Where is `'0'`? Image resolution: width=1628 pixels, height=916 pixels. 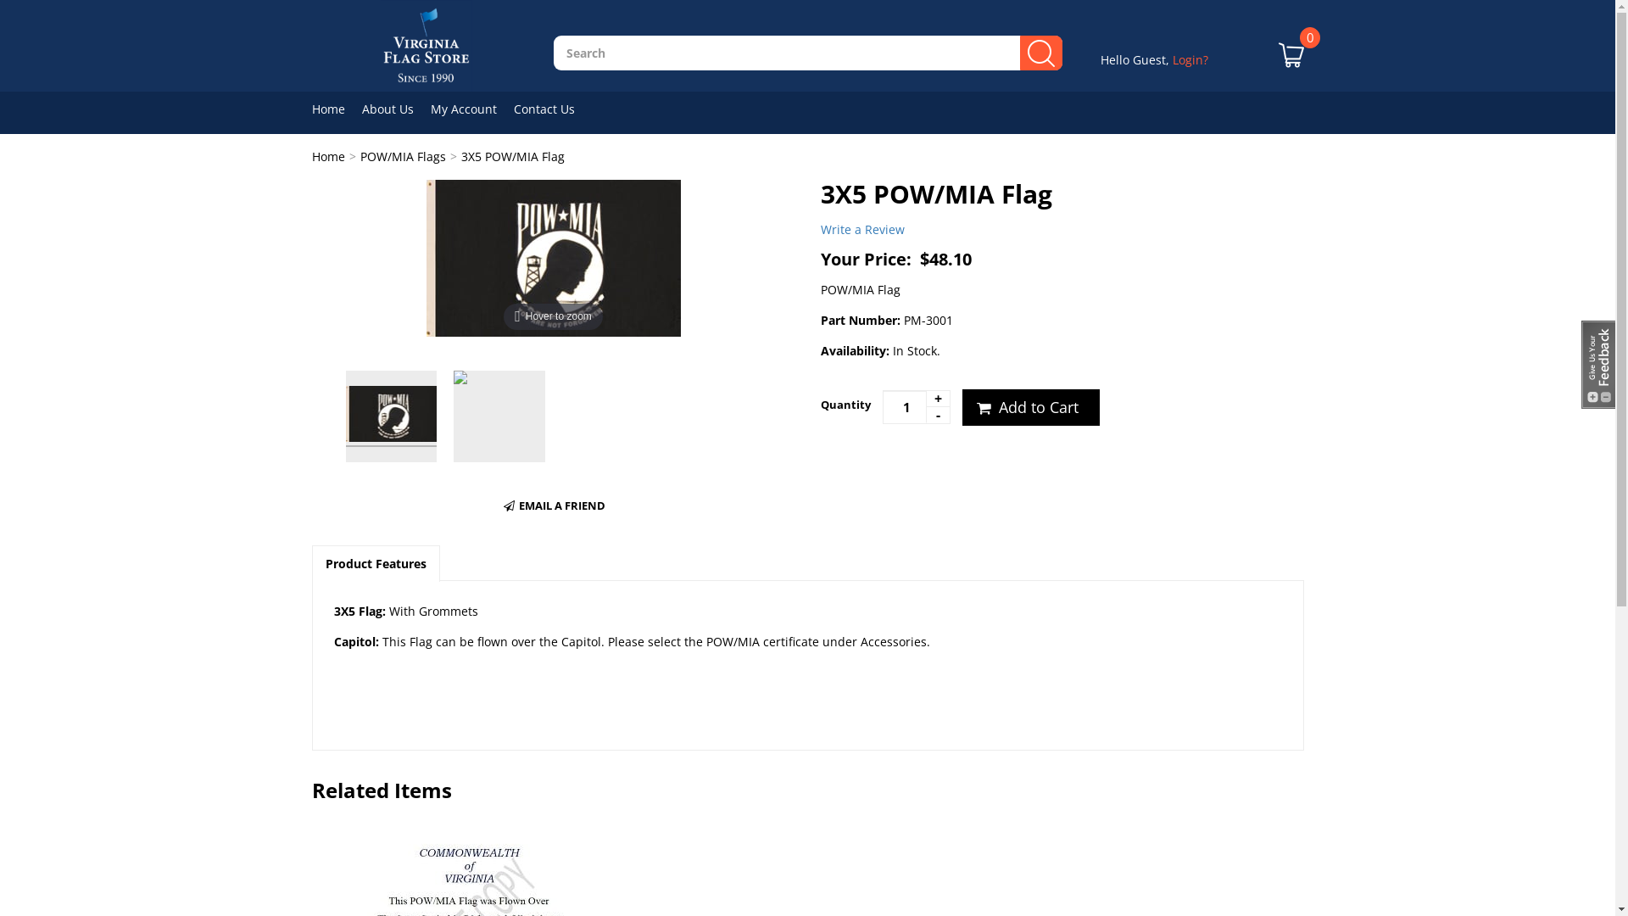 '0' is located at coordinates (1290, 66).